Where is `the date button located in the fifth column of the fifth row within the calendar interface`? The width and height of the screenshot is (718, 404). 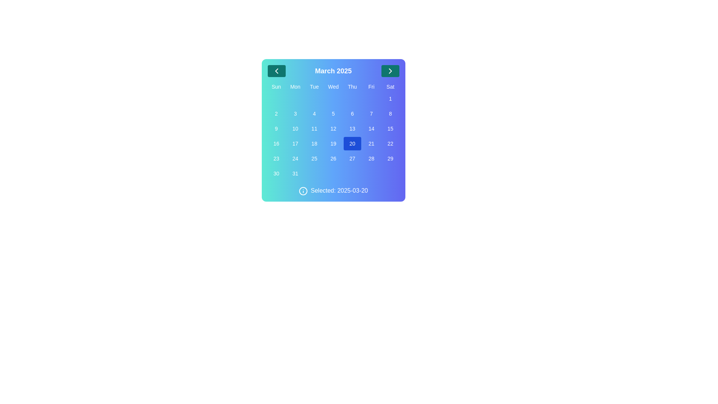
the date button located in the fifth column of the fifth row within the calendar interface is located at coordinates (314, 158).